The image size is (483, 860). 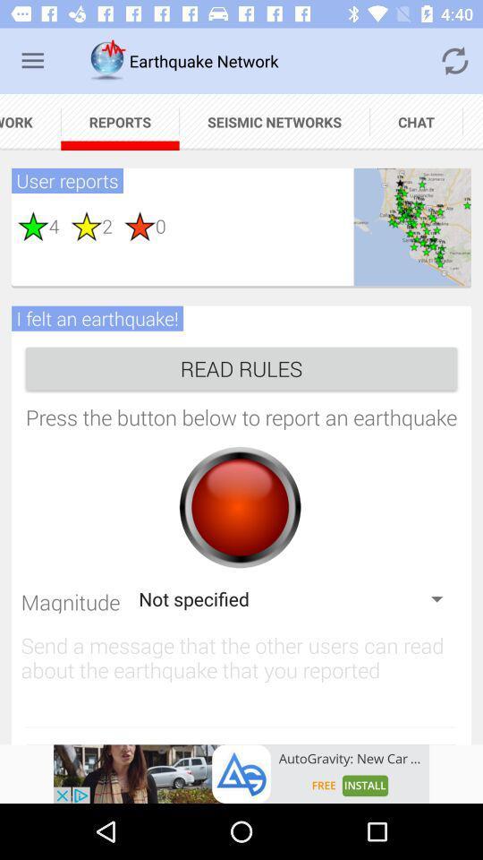 What do you see at coordinates (80, 225) in the screenshot?
I see `the second star below the user reports` at bounding box center [80, 225].